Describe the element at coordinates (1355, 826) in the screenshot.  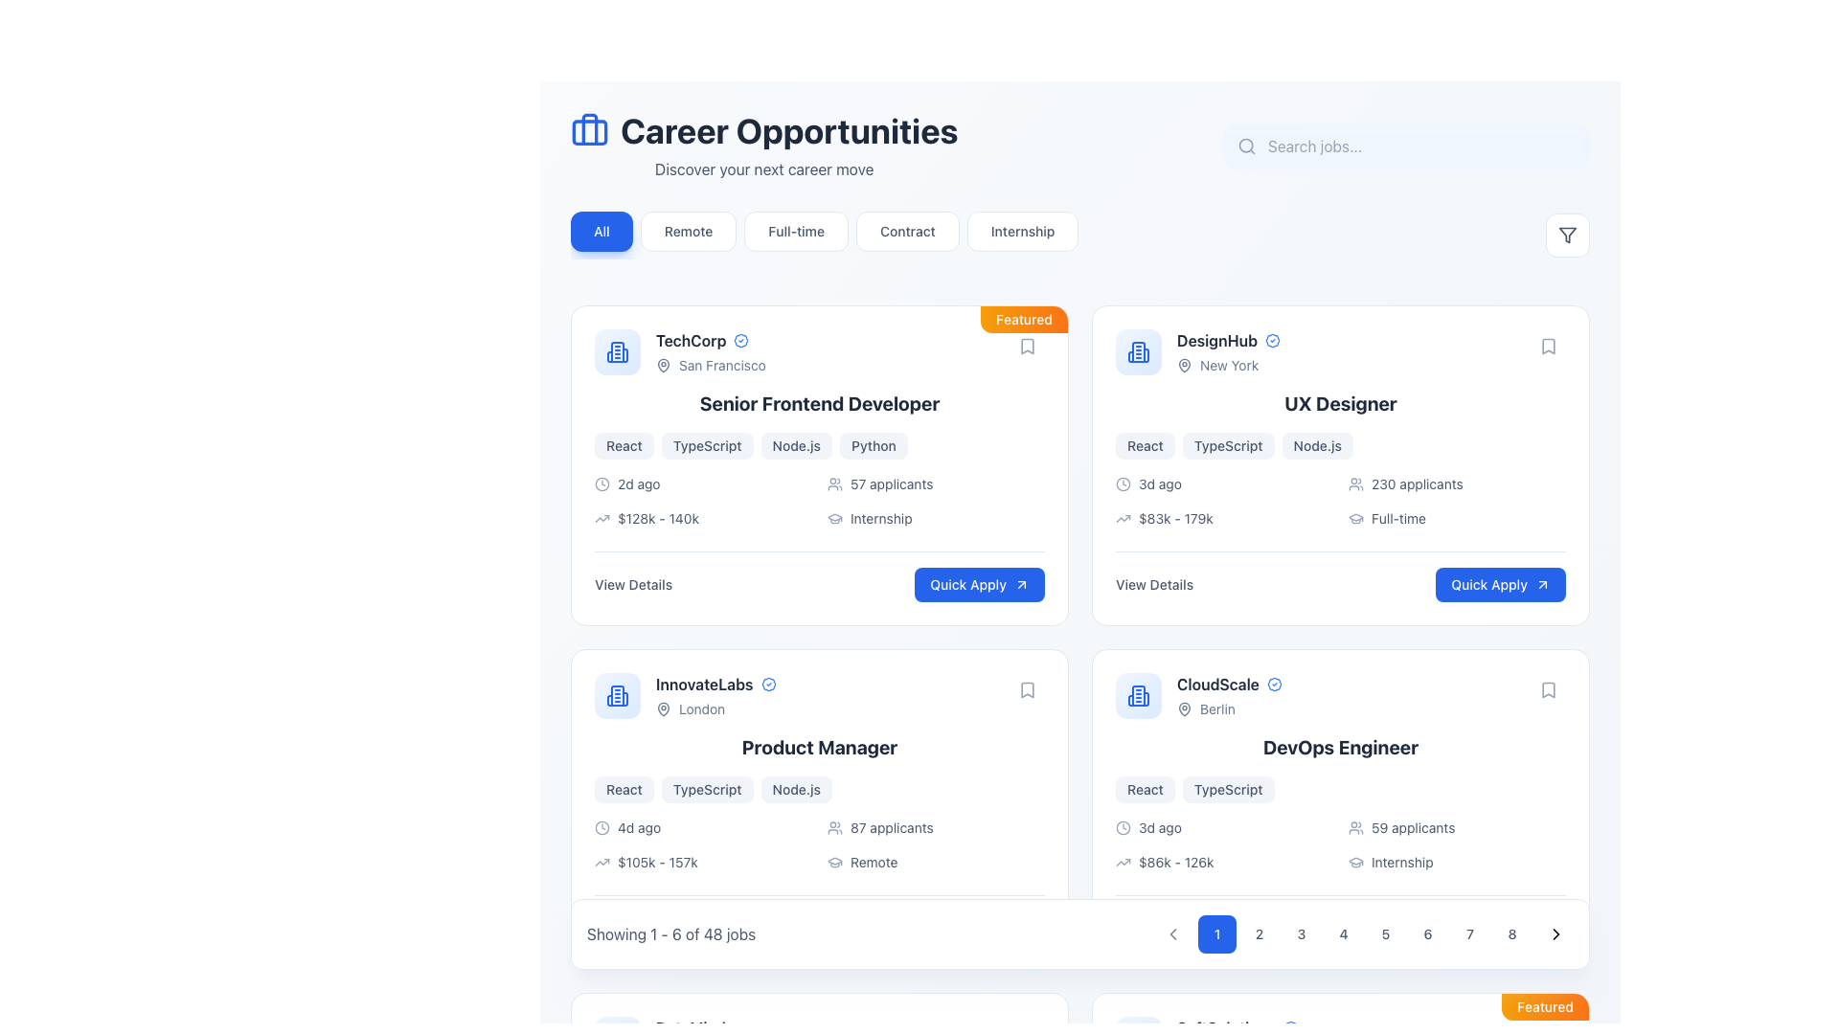
I see `the icon resembling a group of people, located next to the '59 applicants' text in the job listing card titled 'CloudScale' for the role 'DevOps Engineer.'` at that location.